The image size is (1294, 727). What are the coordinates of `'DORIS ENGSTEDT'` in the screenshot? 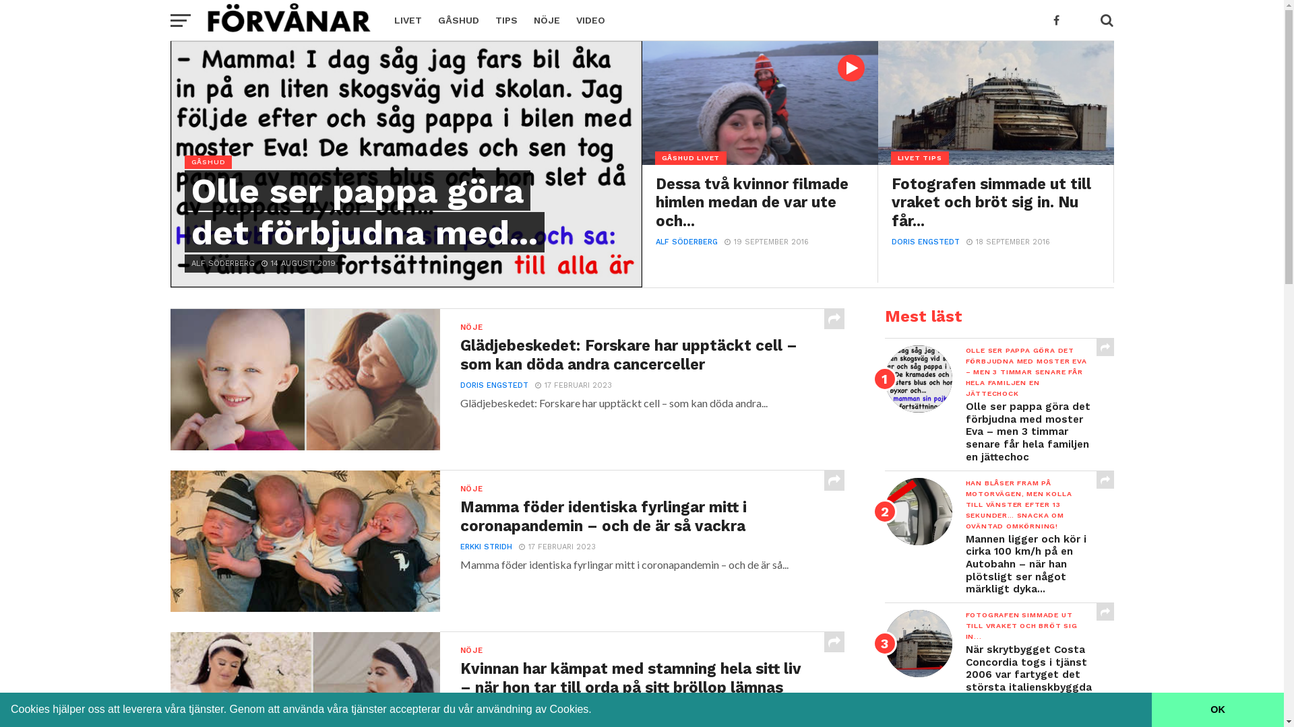 It's located at (459, 385).